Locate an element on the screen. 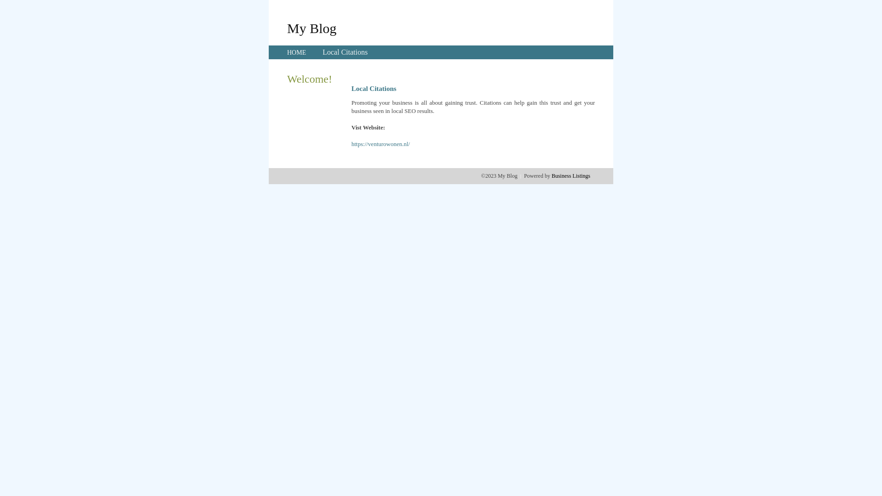  'My Blog' is located at coordinates (311, 28).